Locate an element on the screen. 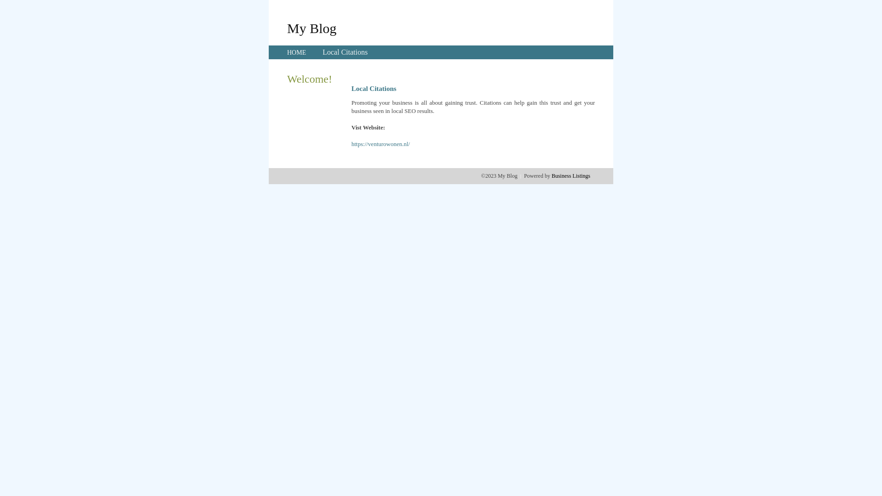  'My Blog' is located at coordinates (311, 28).